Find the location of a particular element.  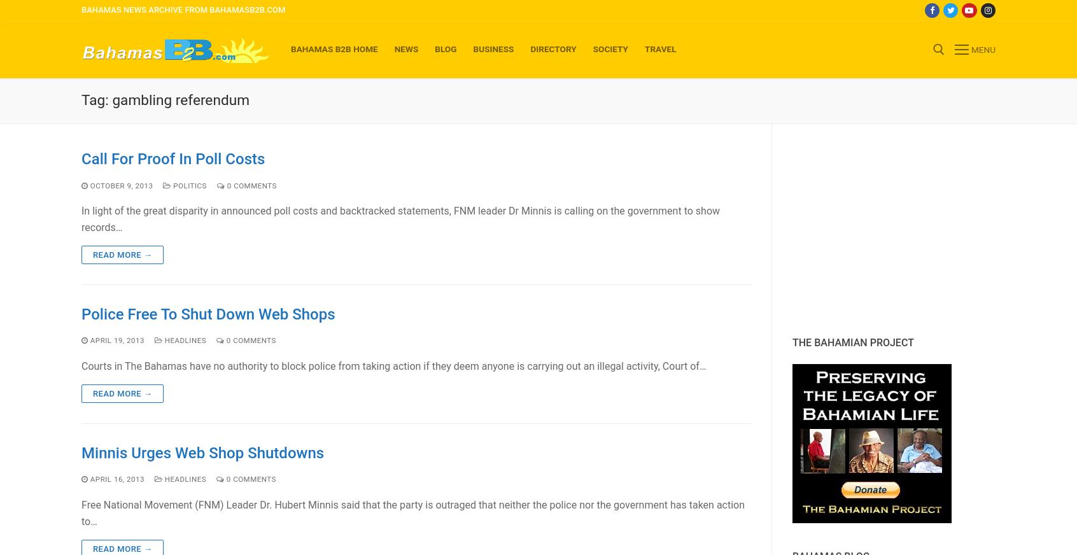

'April 19, 2013' is located at coordinates (116, 339).